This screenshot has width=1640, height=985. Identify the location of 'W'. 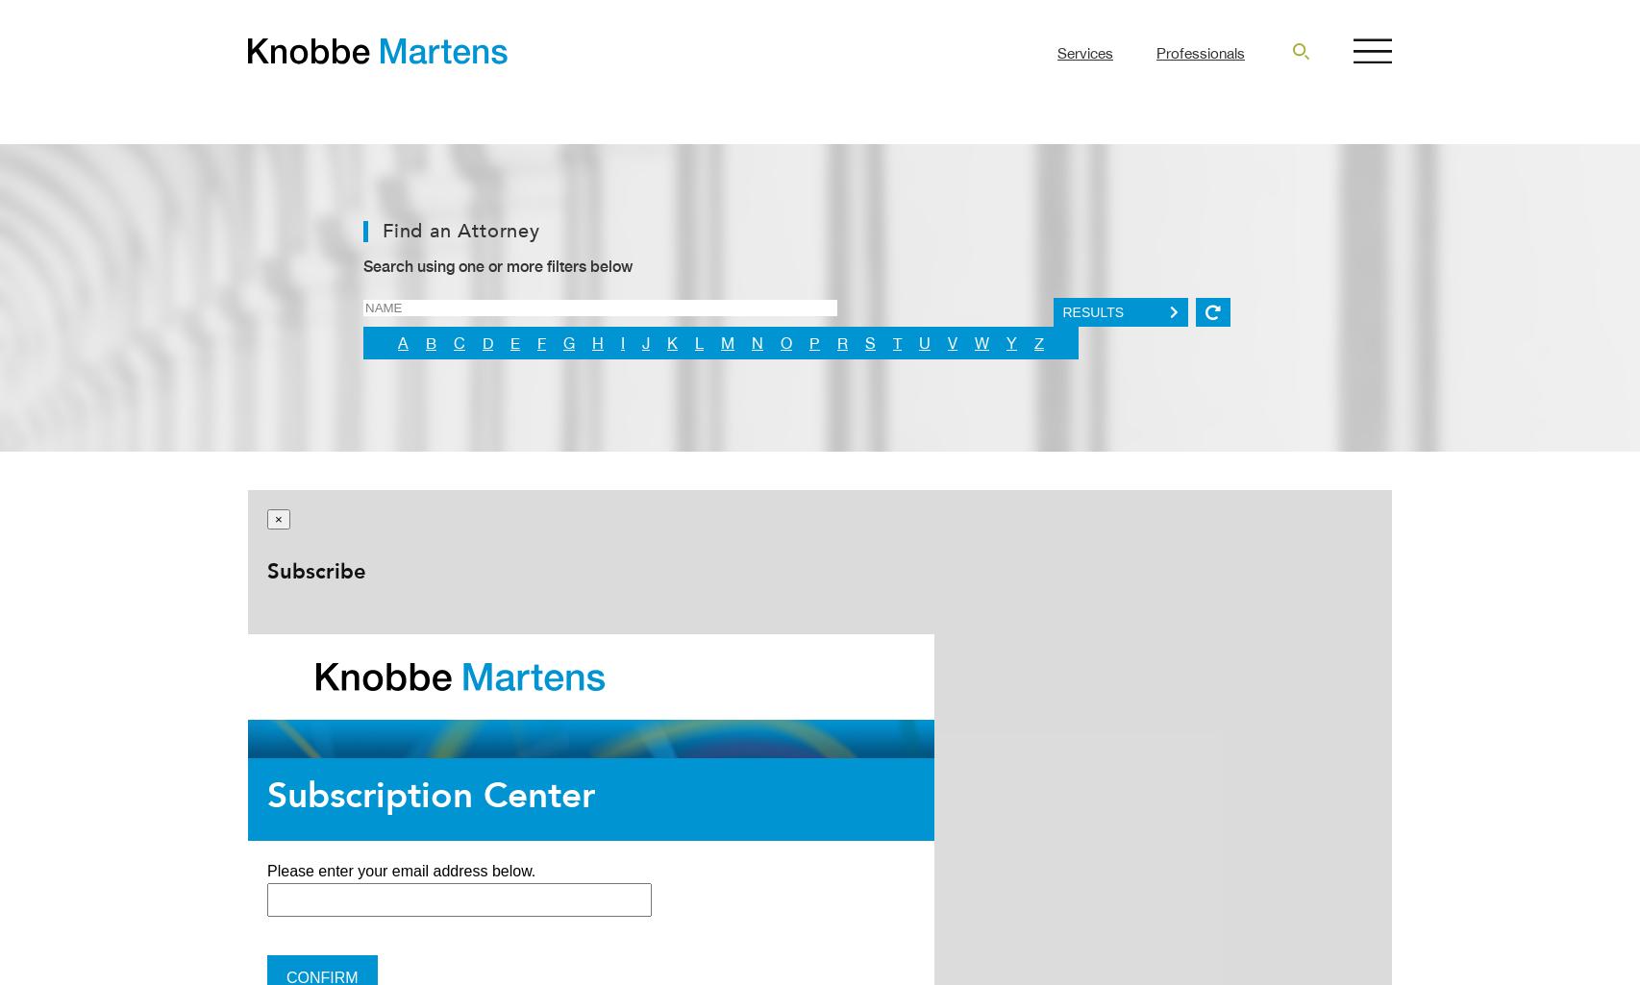
(982, 342).